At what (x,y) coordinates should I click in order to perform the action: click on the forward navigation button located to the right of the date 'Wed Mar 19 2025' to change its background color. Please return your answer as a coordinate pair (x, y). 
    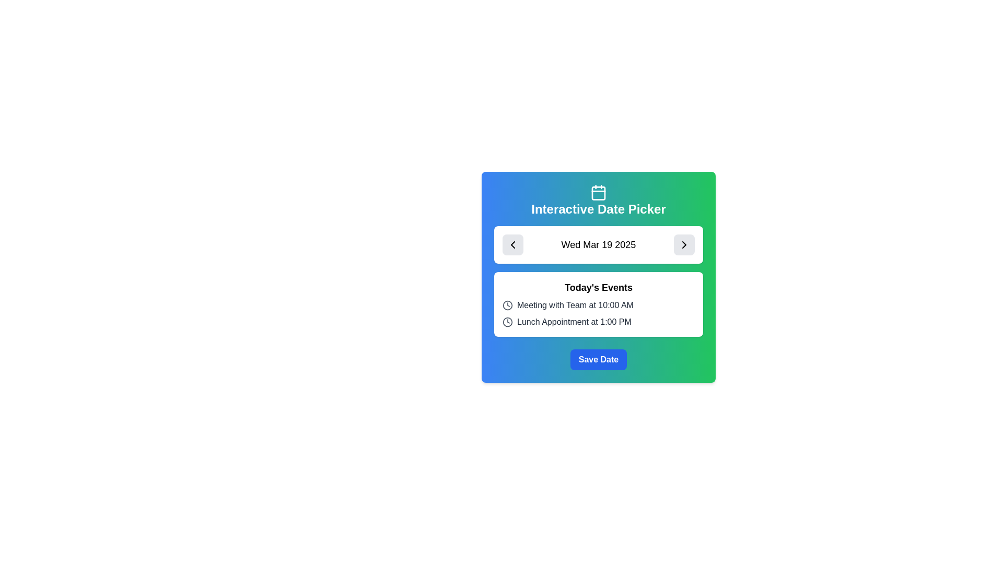
    Looking at the image, I should click on (684, 245).